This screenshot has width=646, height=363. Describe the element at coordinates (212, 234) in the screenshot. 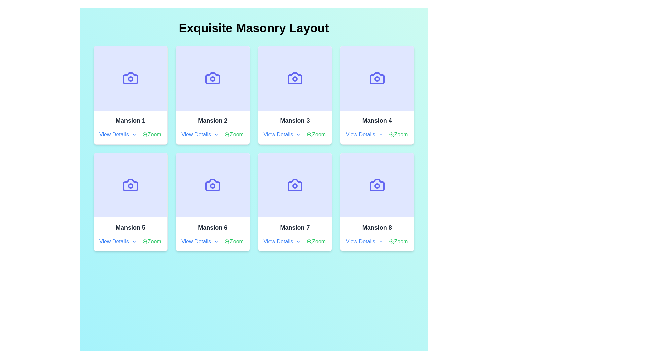

I see `the 'View Details' link located within the 'Mansion 6' card` at that location.